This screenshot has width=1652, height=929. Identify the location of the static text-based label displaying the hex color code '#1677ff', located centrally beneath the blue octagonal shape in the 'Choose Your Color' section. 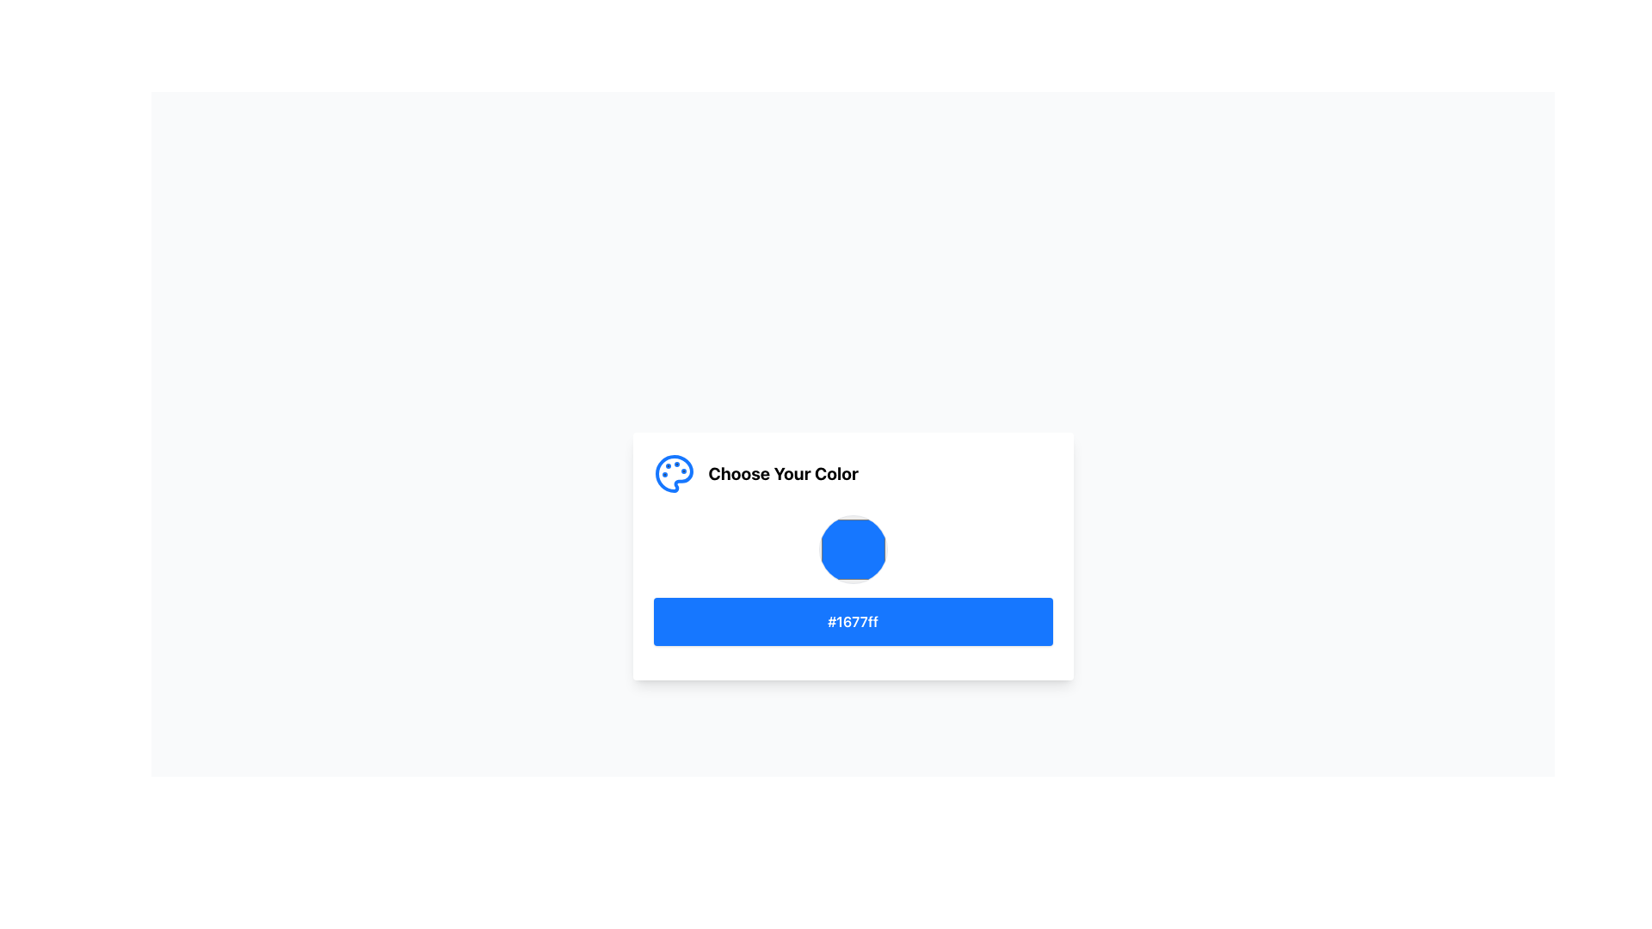
(853, 621).